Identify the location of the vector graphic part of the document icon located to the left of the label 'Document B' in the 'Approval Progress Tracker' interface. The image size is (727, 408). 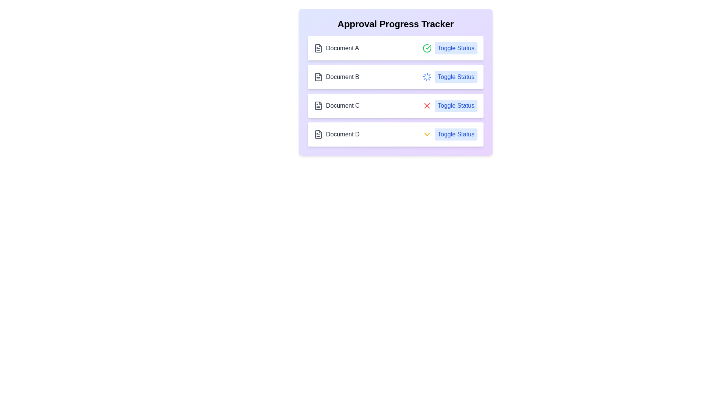
(318, 77).